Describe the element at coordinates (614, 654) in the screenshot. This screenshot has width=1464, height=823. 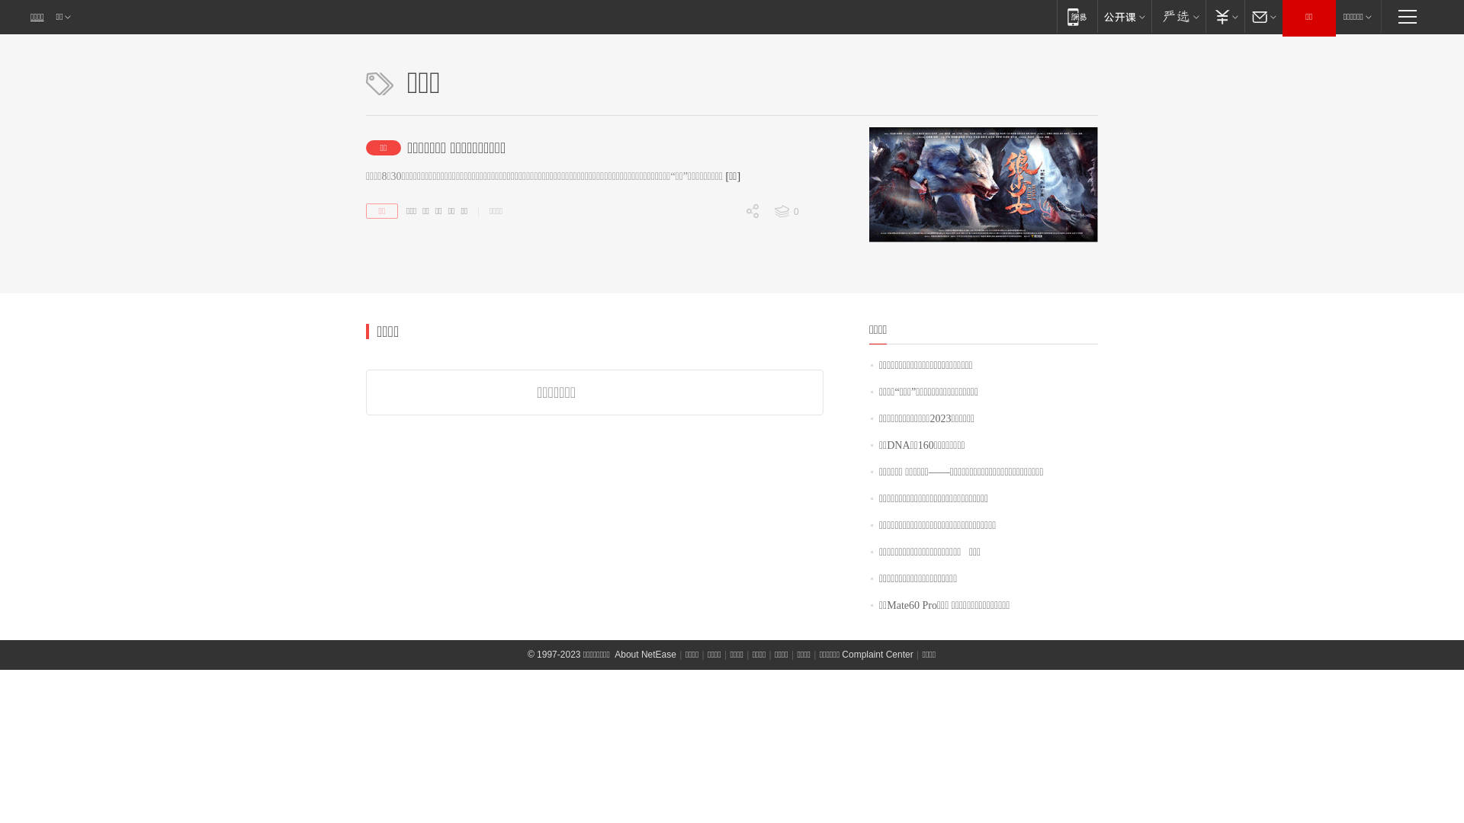
I see `'About NetEase'` at that location.